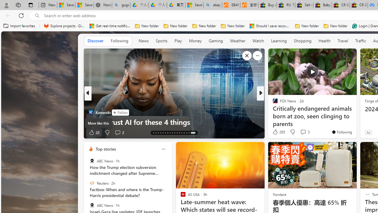 This screenshot has height=213, width=378. I want to click on 'guge yunpan - Search', so click(121, 5).